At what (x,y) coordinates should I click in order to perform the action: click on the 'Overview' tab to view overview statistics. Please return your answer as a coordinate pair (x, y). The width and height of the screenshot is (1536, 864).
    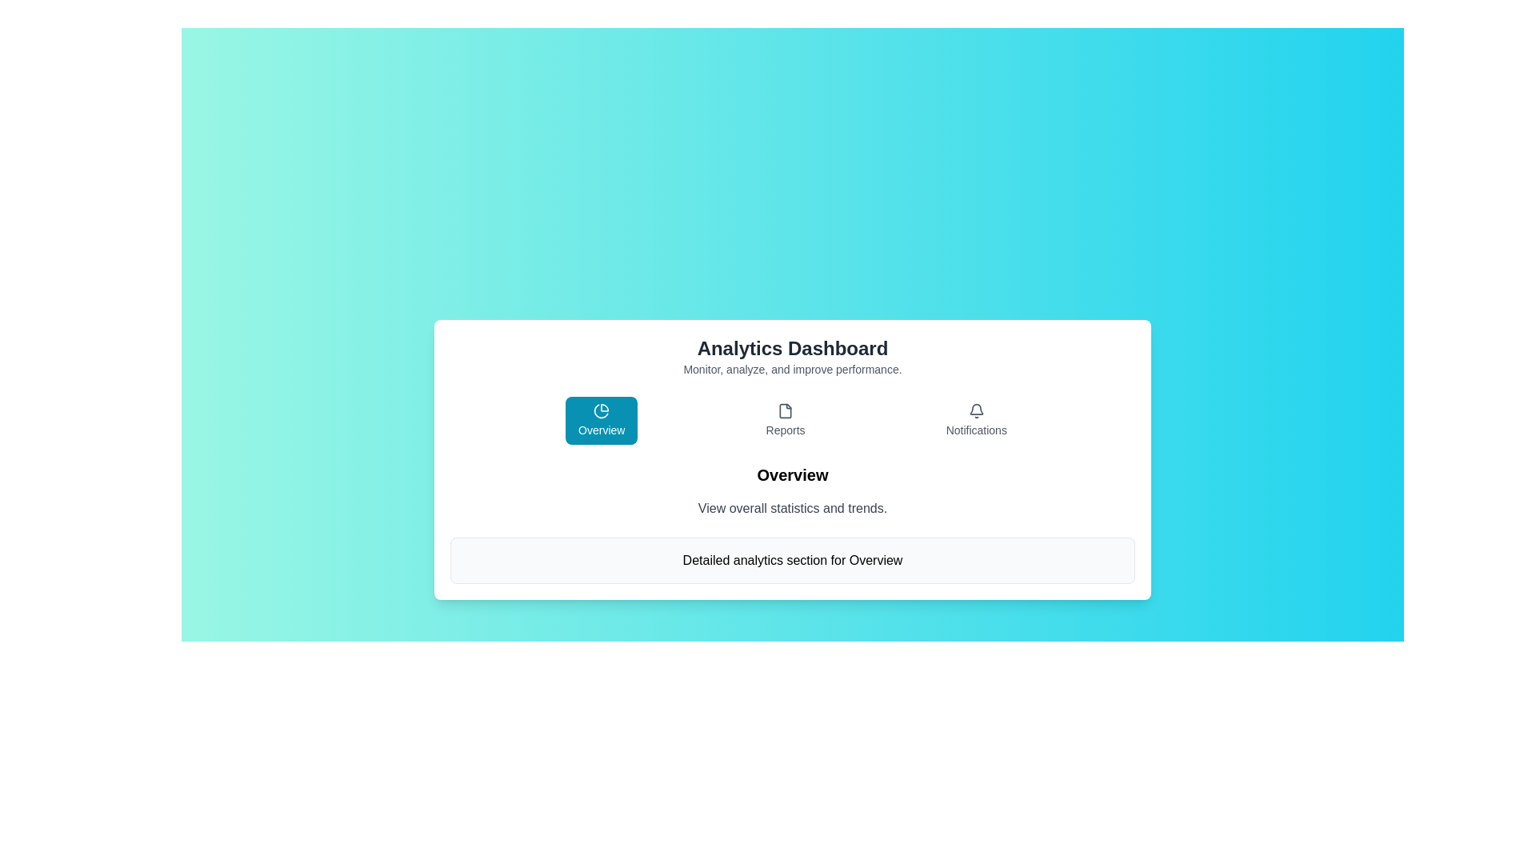
    Looking at the image, I should click on (601, 419).